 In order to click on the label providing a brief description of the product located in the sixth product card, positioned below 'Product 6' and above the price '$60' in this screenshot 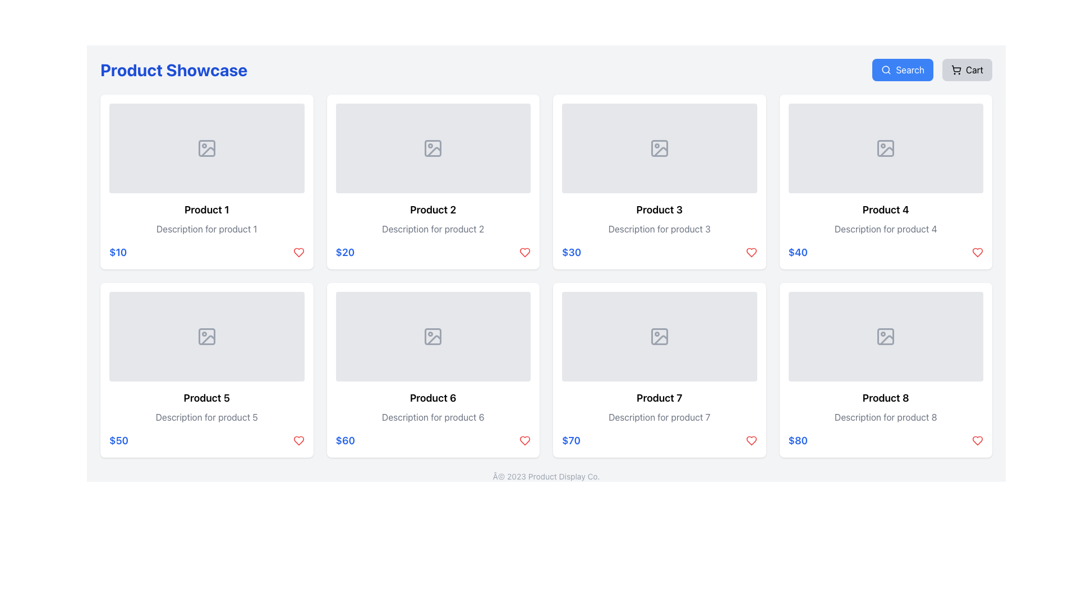, I will do `click(432, 417)`.